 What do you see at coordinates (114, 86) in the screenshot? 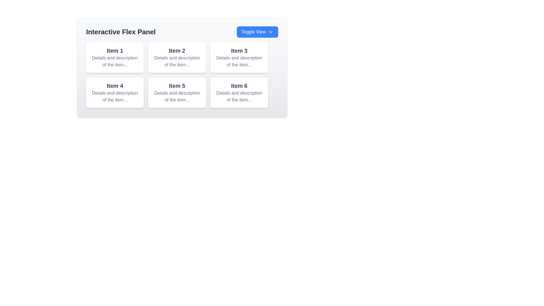
I see `the text label located in the second row and first column of the grid layout under the 'Interactive Flex Panel'` at bounding box center [114, 86].